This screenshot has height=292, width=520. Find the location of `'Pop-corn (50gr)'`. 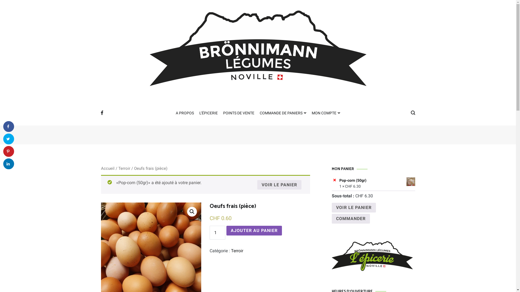

'Pop-corn (50gr)' is located at coordinates (377, 180).